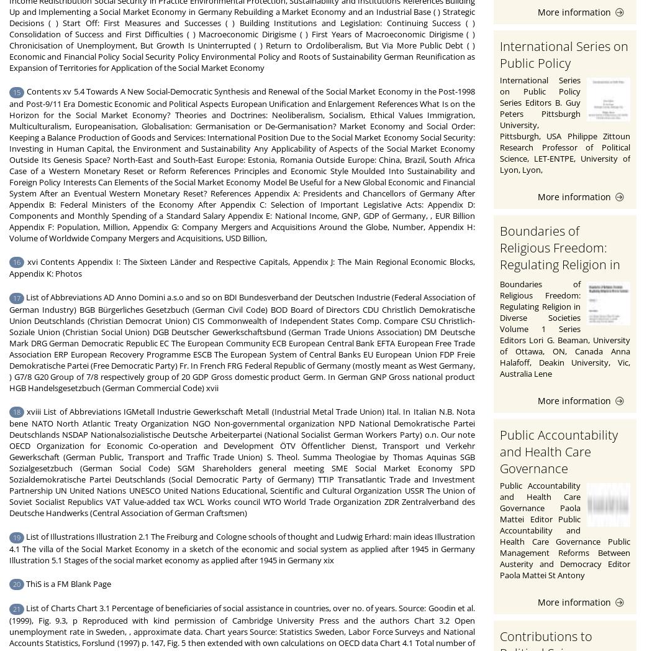  What do you see at coordinates (242, 342) in the screenshot?
I see `'List of Abbreviations AD Anno Domini a.s.o and so on BDI Bundesverband der Deutschen Industrie (Federal Association of German Industry) BGB Bürgerliches Gesetzbuch (German Civil Code) BOD Board of Directors CDU Christlich Demokratische Union Deutschlands (Christian Democrat Union) CIS Commonwealth of Independent States Comp. Compare CSU Christlich-Soziale Union (Christian Social Union) DGB Deutscher Gewerkschaftsbund (German Trade Unions Association) DM Deutsche Mark DRG German Democratic Republic EC The European Community ECB European Central Bank EFTA European Free Trade Association ERP European Recovery Programme ESCB The European System of Central Banks EU European Union FDP Freie Demokratische Partei (Free Democratic Party) Fr. In French FRG Federal Republic of Germany (mostly meant as West Germany, ) G7/8 G20 Group of 7/8 respectively group of 20 GDP Gross domestic product Germ. In German GNP Gross national product HGB Handelsgesetzbuch (German Commercial Code) xvii'` at bounding box center [242, 342].